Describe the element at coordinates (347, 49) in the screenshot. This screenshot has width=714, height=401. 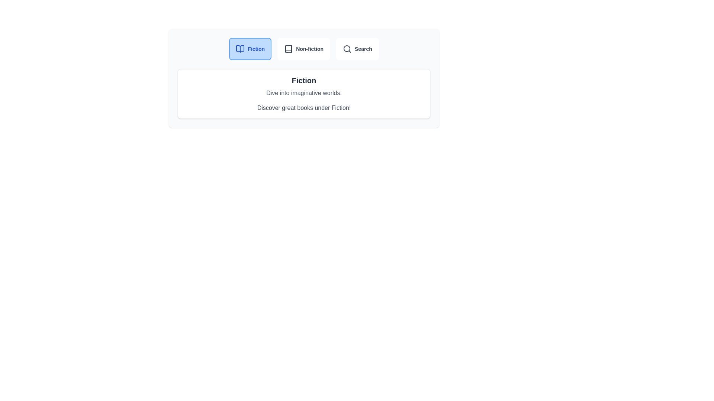
I see `the 'Search' button that contains the magnifying glass icon` at that location.